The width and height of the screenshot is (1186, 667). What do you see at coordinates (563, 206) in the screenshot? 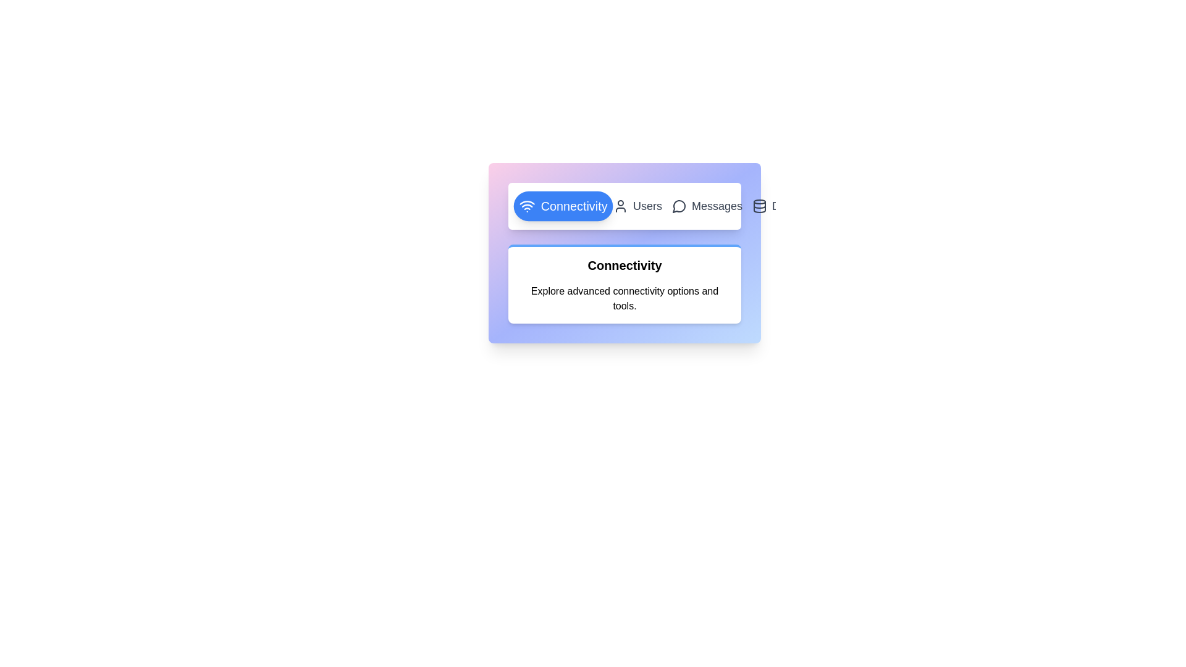
I see `the tab labeled 'Connectivity' to view its content` at bounding box center [563, 206].